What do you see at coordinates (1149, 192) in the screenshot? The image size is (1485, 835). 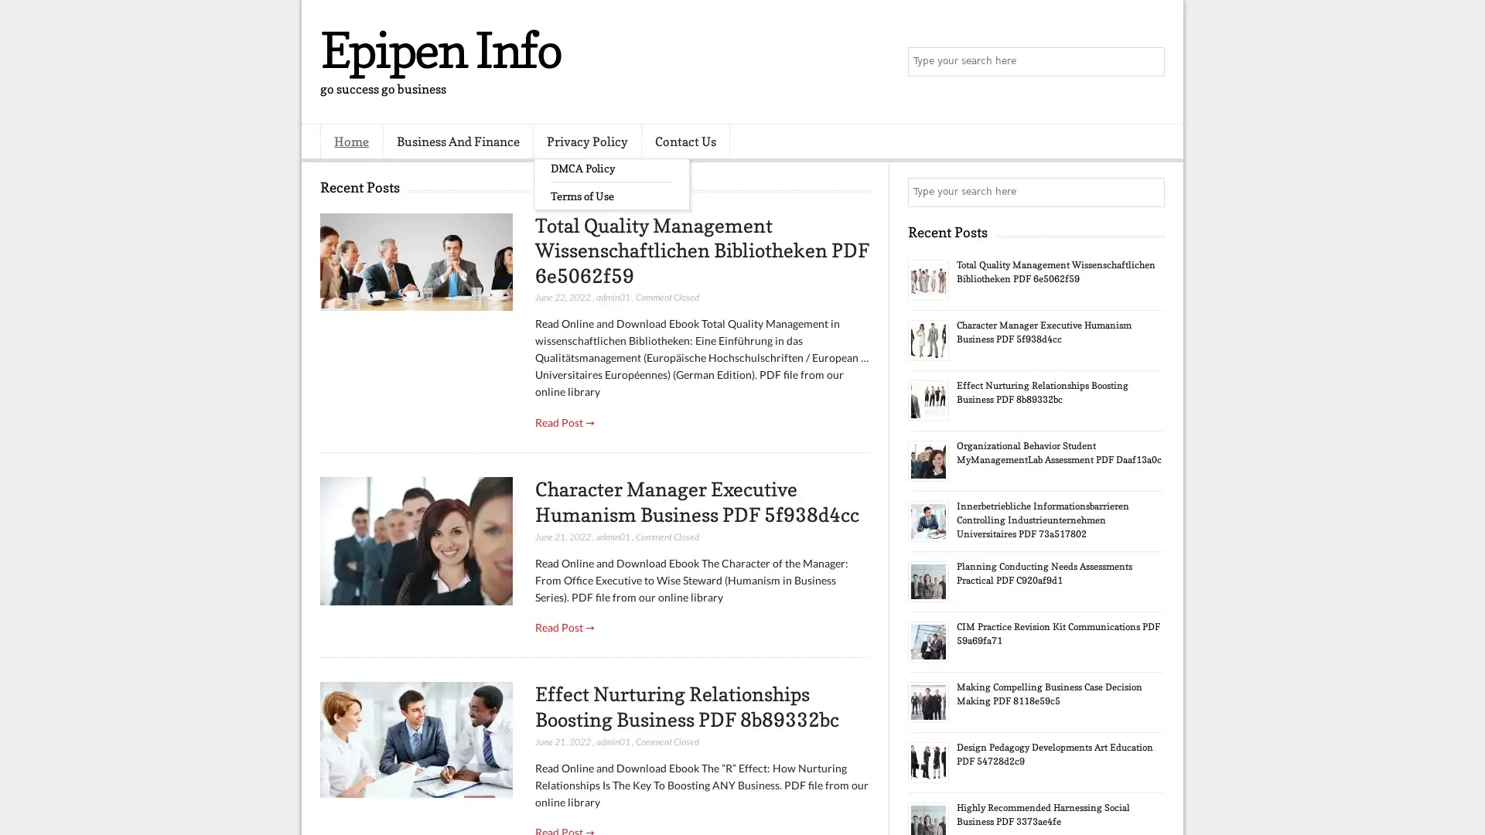 I see `Search` at bounding box center [1149, 192].